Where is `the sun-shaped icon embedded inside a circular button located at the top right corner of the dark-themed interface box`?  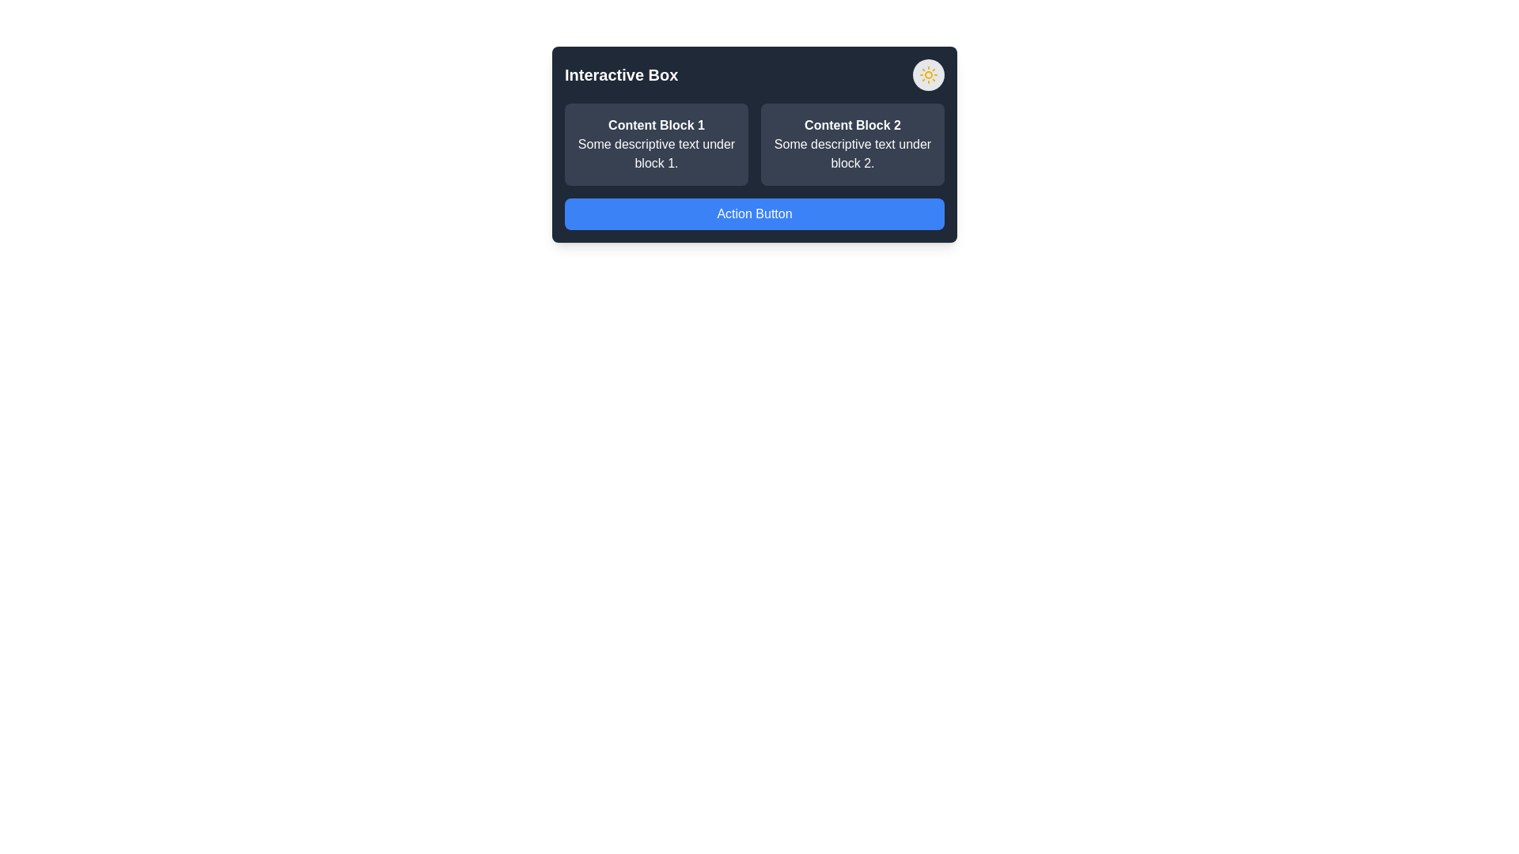 the sun-shaped icon embedded inside a circular button located at the top right corner of the dark-themed interface box is located at coordinates (929, 75).